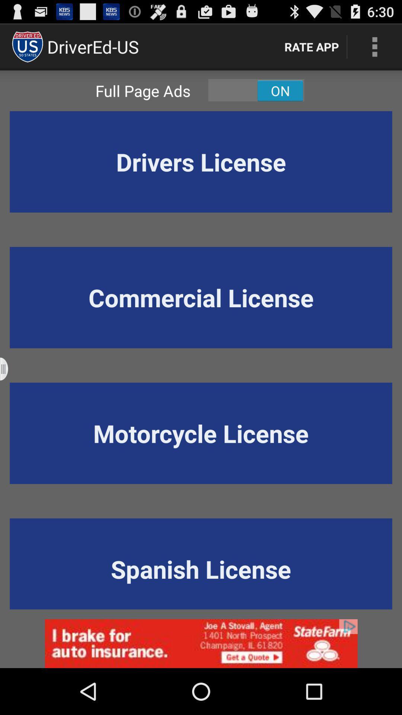 This screenshot has width=402, height=715. I want to click on statefarm i brake for auto insurance, so click(201, 643).